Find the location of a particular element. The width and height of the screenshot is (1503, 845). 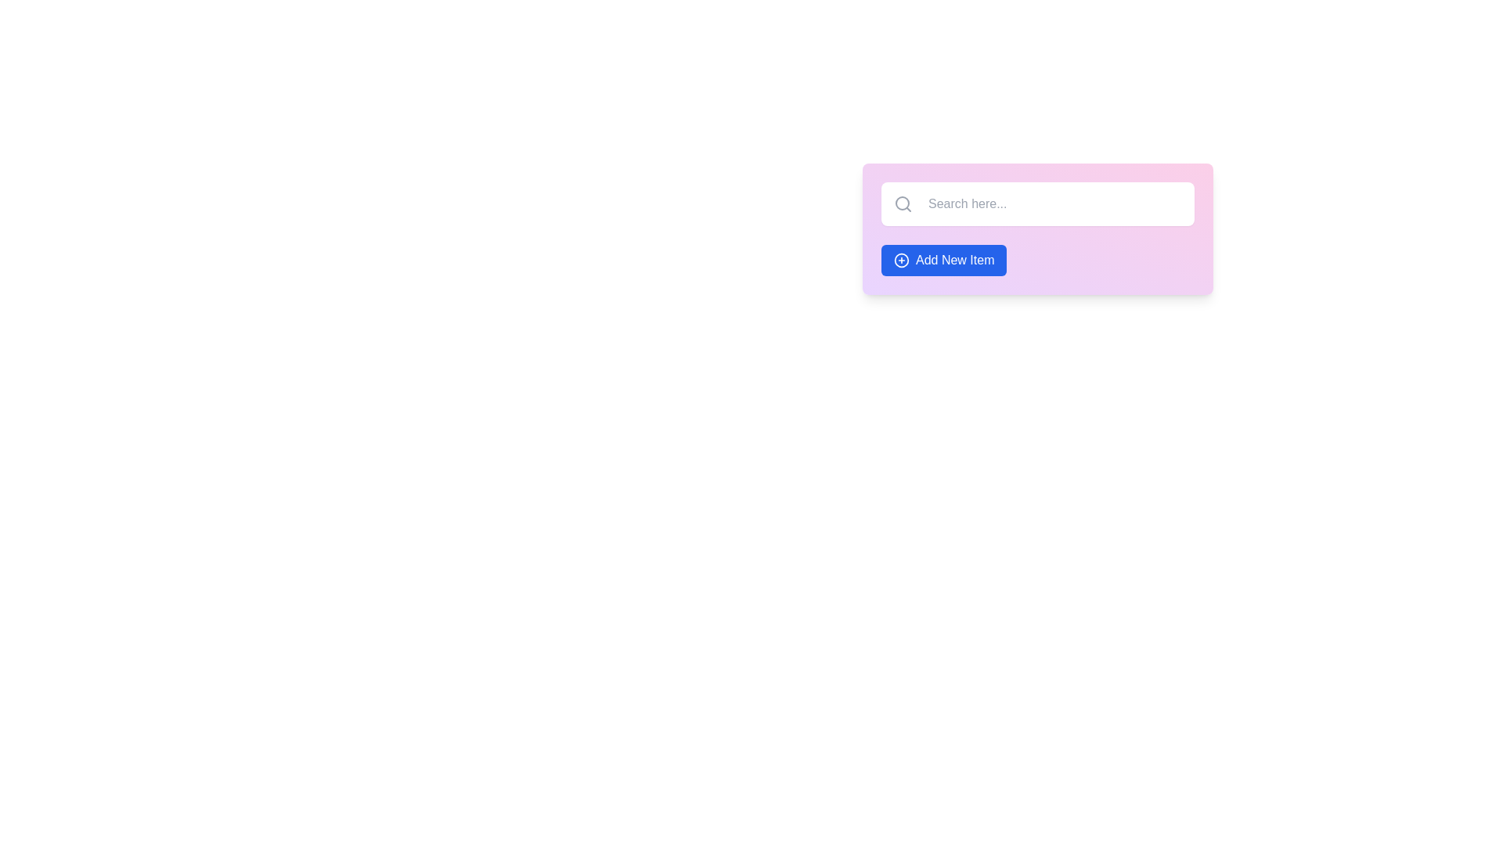

the circular graphical component of the search icon located towards the left end of the search bar is located at coordinates (902, 202).